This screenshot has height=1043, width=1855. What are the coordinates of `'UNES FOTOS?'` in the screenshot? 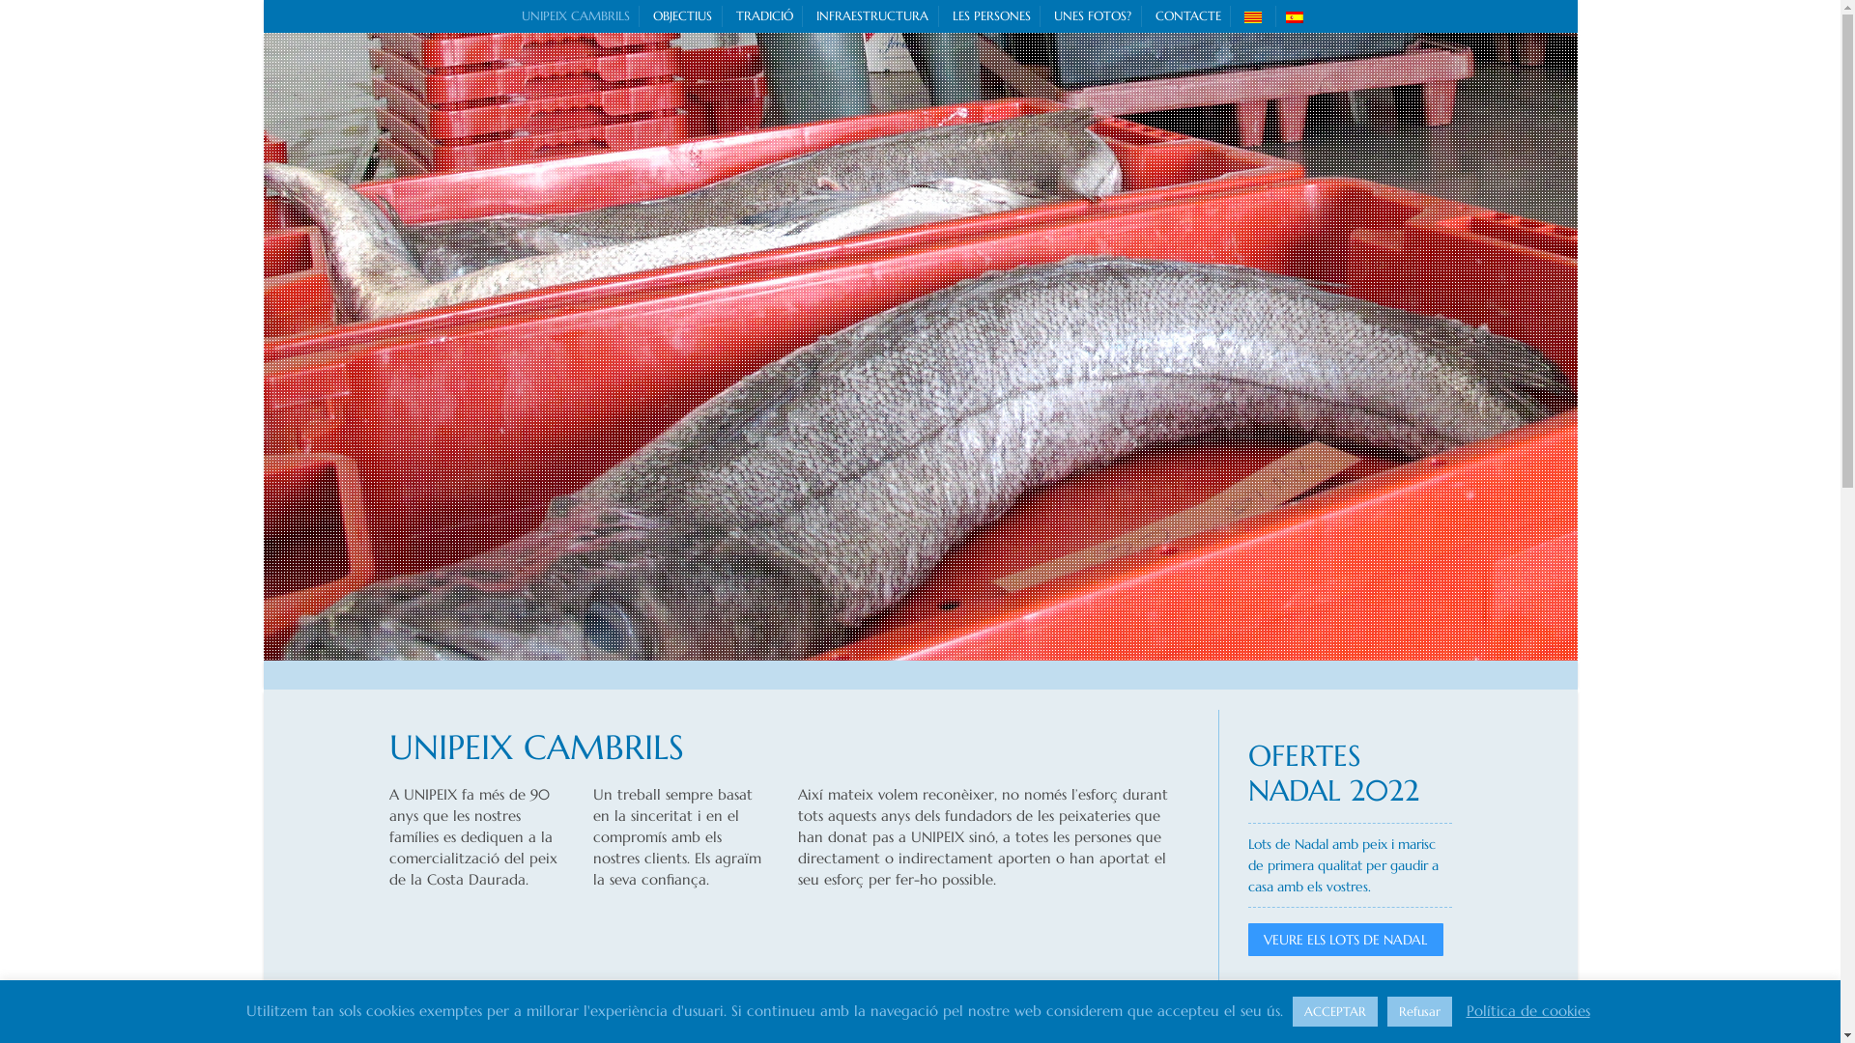 It's located at (1093, 15).